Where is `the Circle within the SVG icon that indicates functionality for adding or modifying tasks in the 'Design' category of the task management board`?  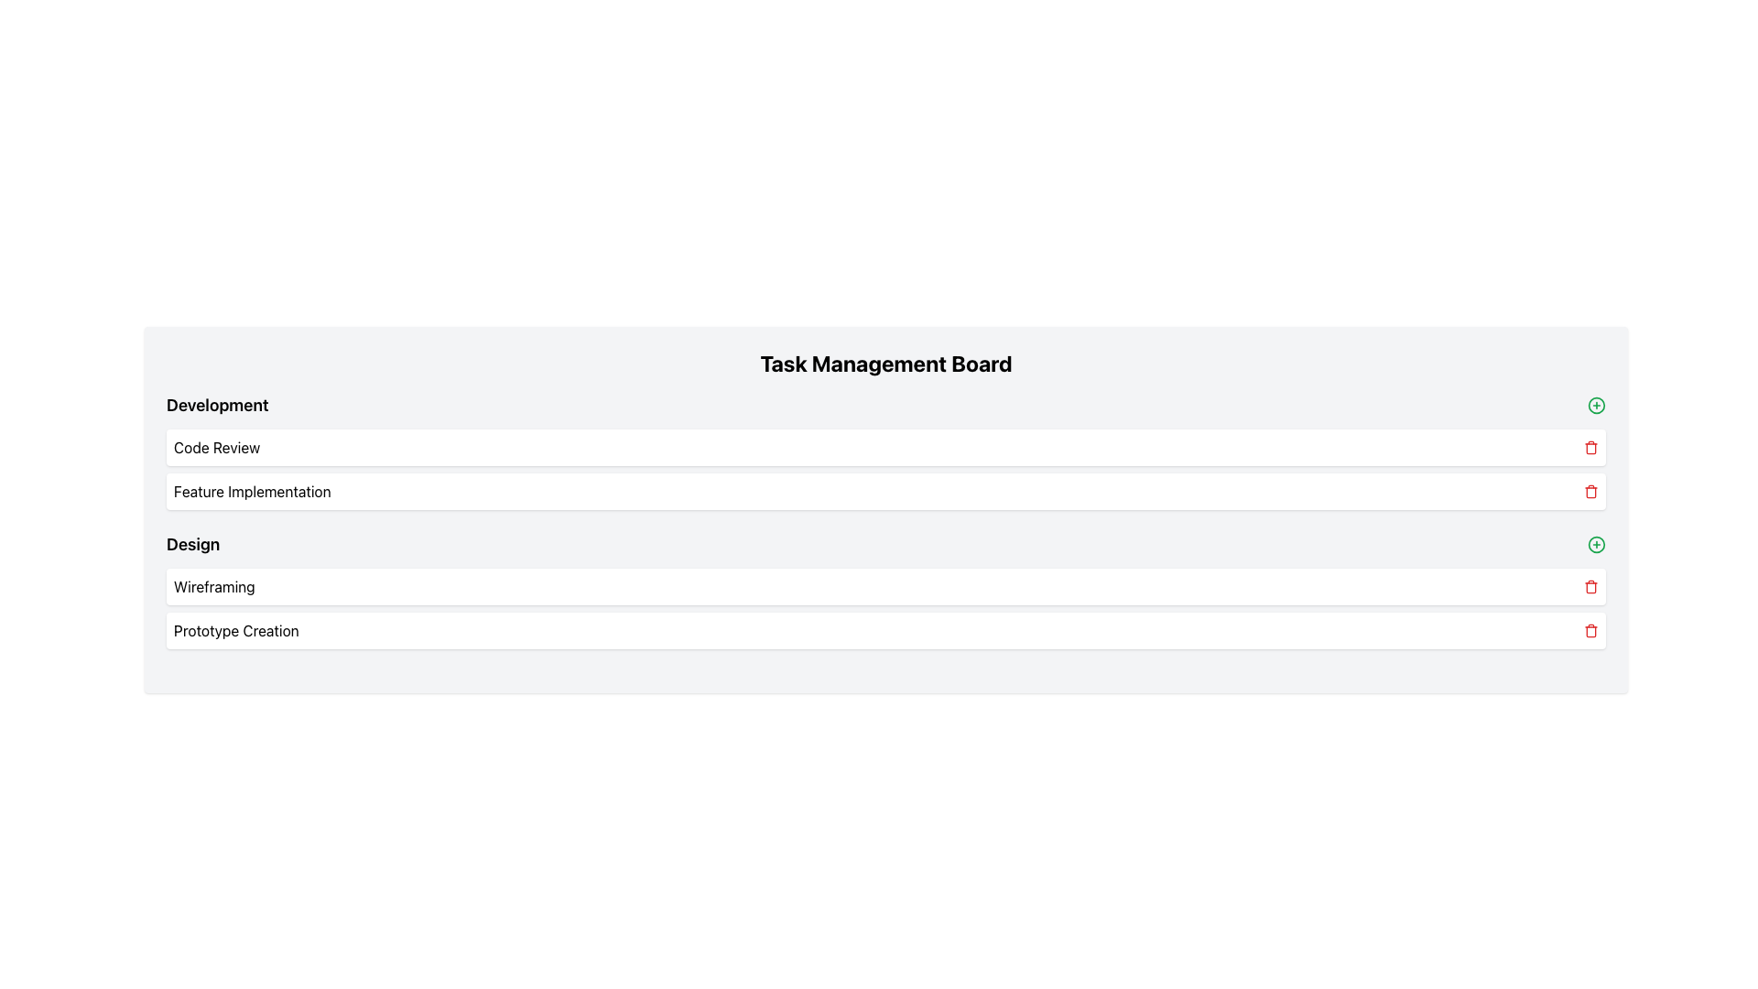
the Circle within the SVG icon that indicates functionality for adding or modifying tasks in the 'Design' category of the task management board is located at coordinates (1595, 543).